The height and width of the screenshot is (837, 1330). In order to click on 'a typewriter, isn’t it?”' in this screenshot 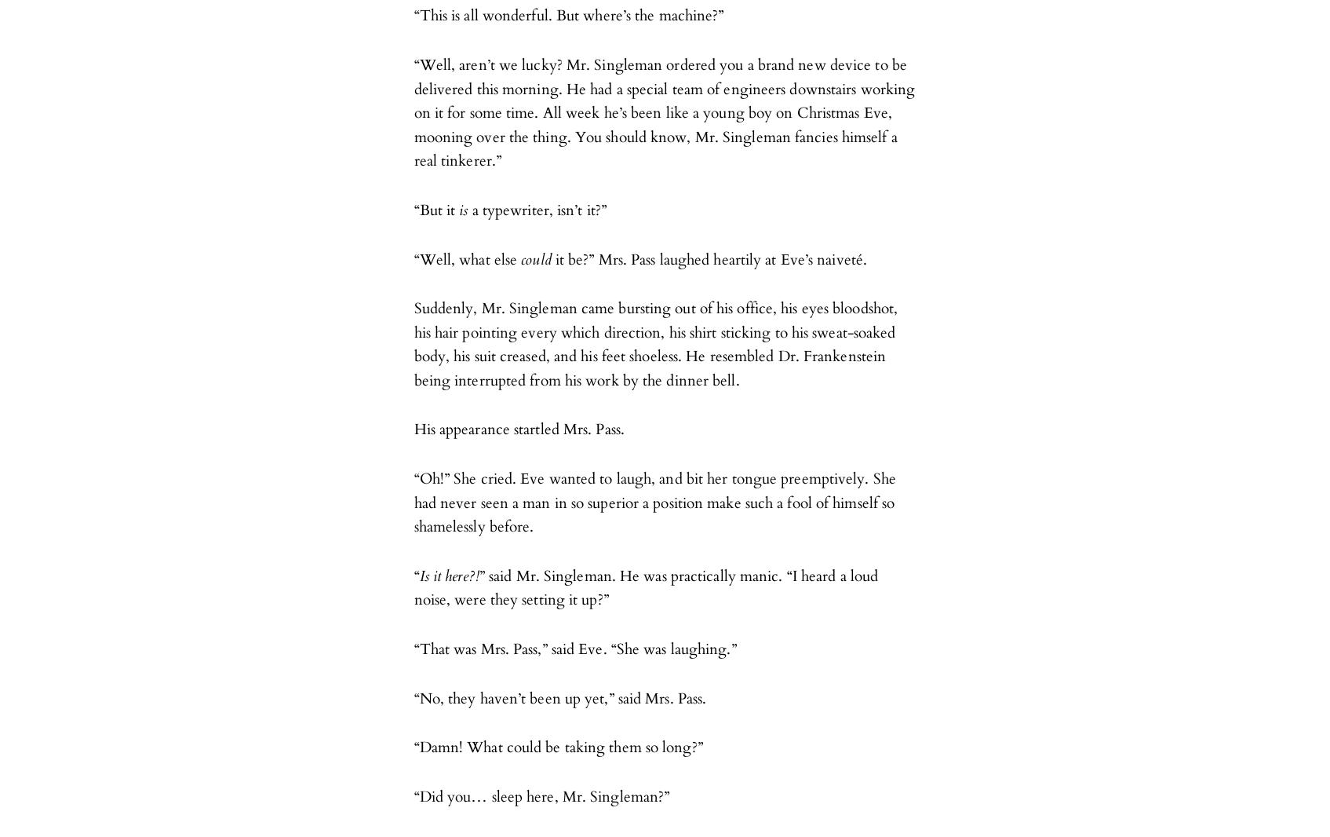, I will do `click(537, 209)`.